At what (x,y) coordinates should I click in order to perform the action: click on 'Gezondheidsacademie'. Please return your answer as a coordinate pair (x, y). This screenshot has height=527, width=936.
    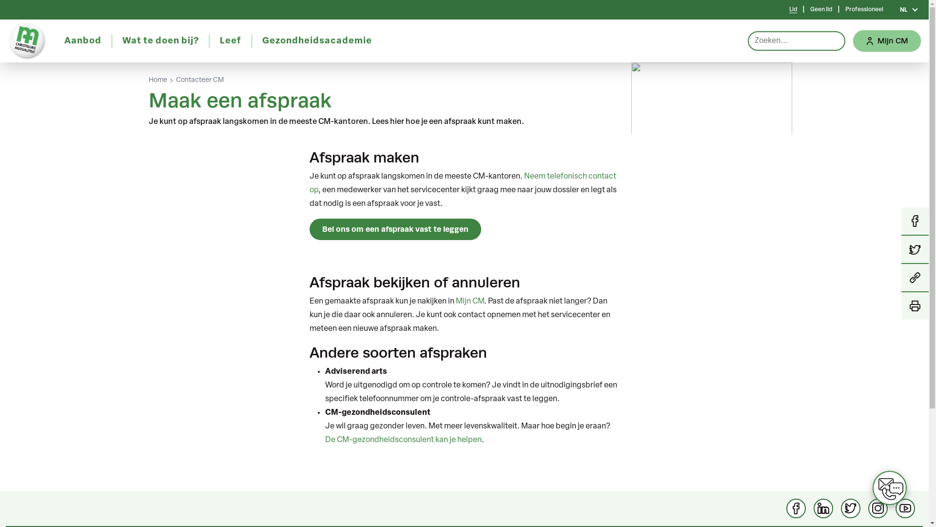
    Looking at the image, I should click on (317, 40).